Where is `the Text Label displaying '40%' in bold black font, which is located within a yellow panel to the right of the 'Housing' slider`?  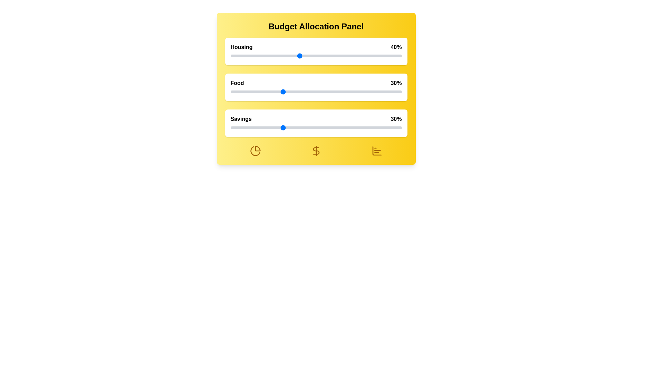
the Text Label displaying '40%' in bold black font, which is located within a yellow panel to the right of the 'Housing' slider is located at coordinates (396, 47).